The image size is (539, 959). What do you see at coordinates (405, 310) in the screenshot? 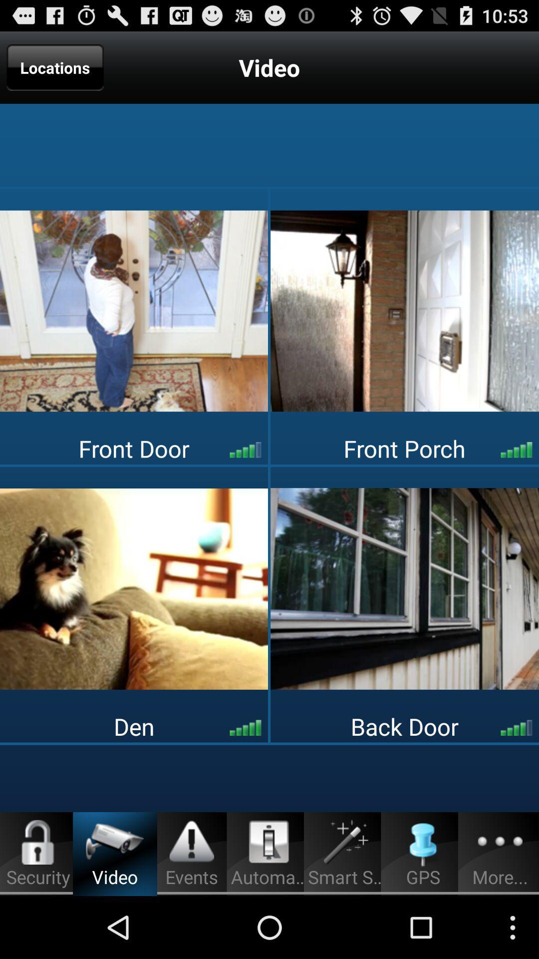
I see `the item above the front door icon` at bounding box center [405, 310].